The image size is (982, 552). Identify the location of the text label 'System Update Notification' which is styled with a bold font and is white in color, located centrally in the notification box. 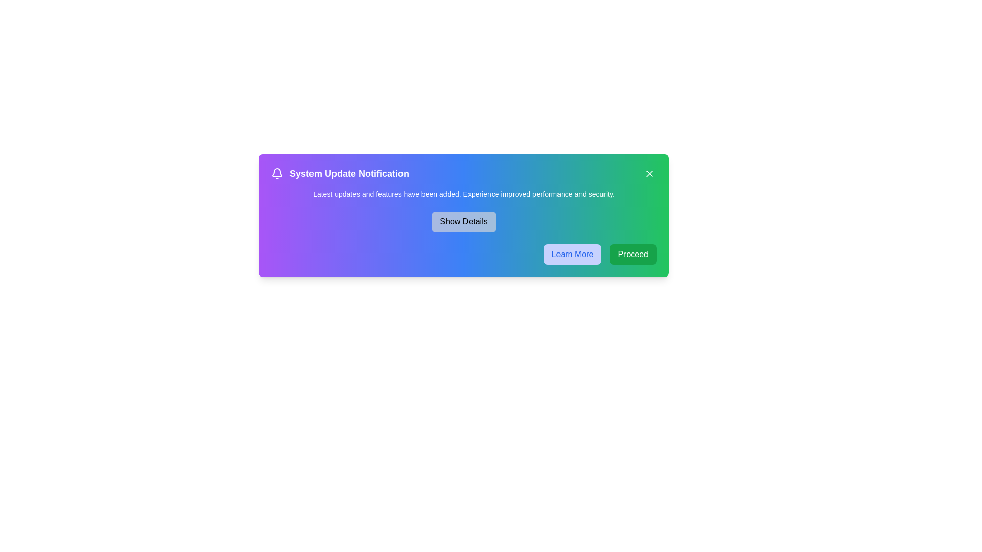
(349, 173).